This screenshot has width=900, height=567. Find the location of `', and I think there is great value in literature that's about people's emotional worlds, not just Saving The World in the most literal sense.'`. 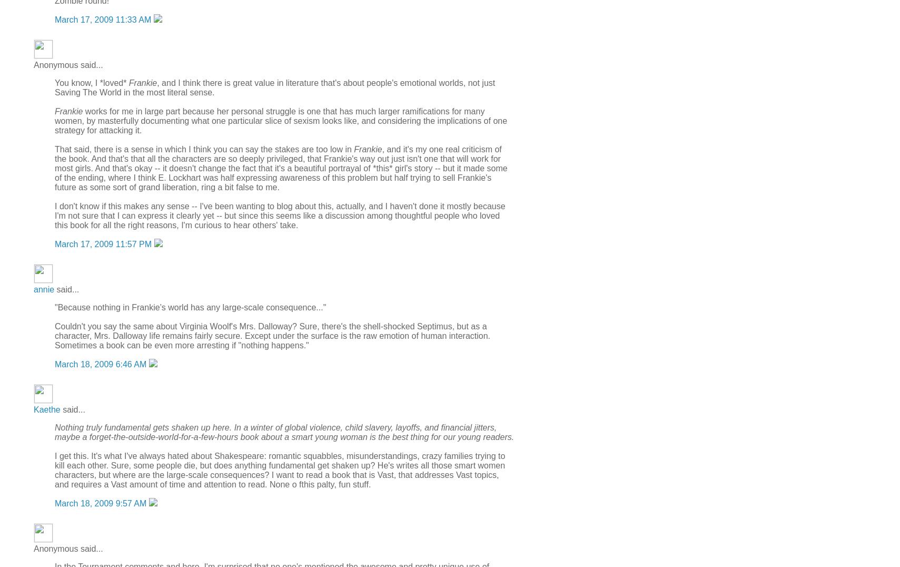

', and I think there is great value in literature that's about people's emotional worlds, not just Saving The World in the most literal sense.' is located at coordinates (274, 87).